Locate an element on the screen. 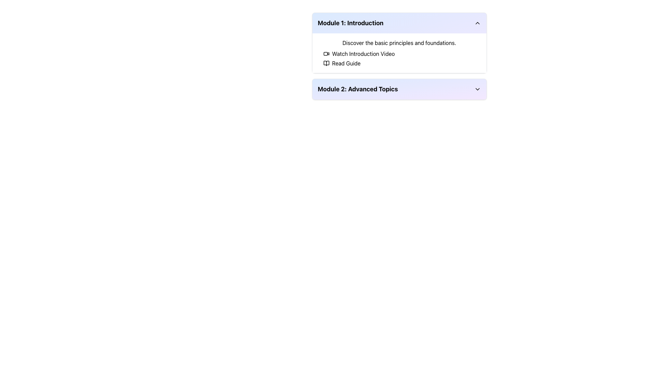 The width and height of the screenshot is (655, 368). the bold, large-sized text element that reads 'Module 1: Introduction' is located at coordinates (350, 23).